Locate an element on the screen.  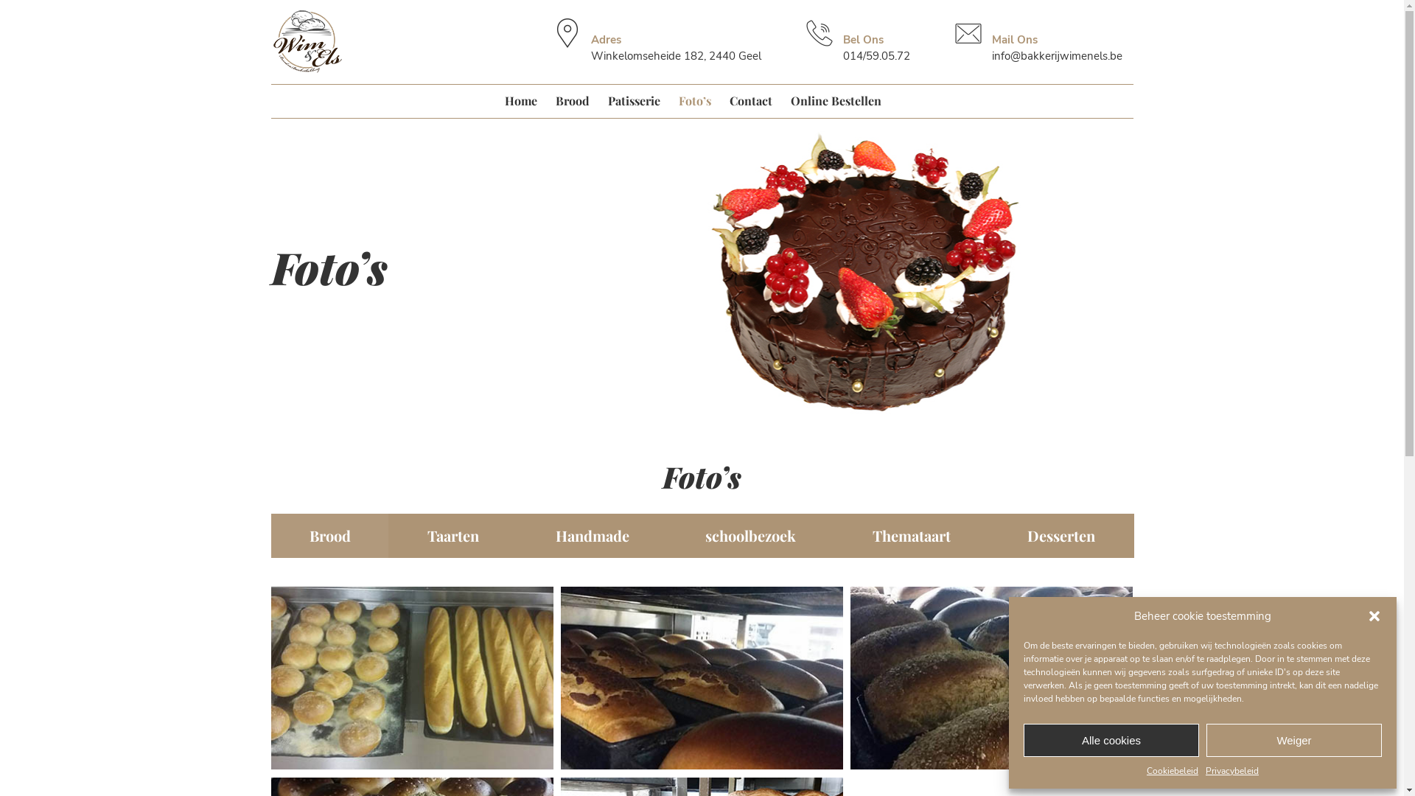
'Desserten' is located at coordinates (989, 534).